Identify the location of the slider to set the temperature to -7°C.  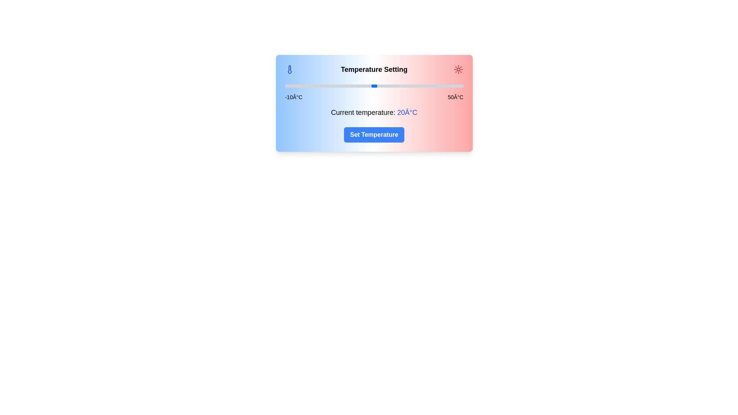
(293, 86).